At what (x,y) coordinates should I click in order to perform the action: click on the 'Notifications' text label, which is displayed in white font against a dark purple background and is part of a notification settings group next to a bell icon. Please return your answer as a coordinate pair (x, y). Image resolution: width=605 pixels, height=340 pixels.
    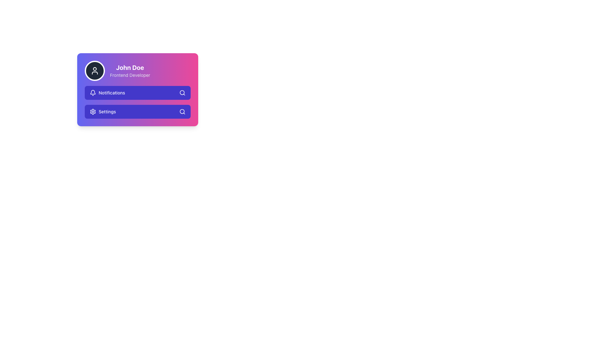
    Looking at the image, I should click on (112, 93).